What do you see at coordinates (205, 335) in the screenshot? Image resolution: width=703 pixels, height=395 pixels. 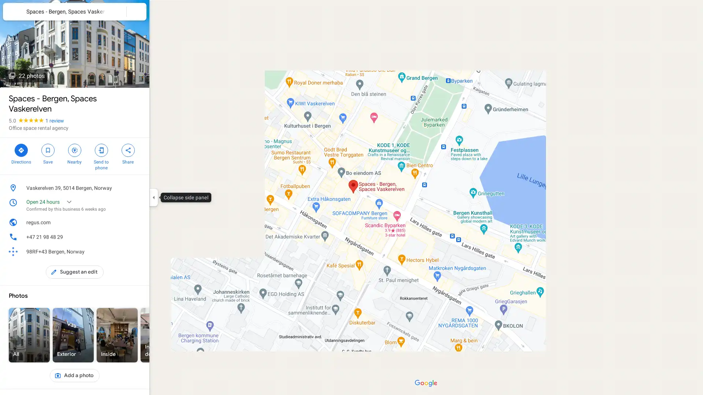 I see `By owner` at bounding box center [205, 335].